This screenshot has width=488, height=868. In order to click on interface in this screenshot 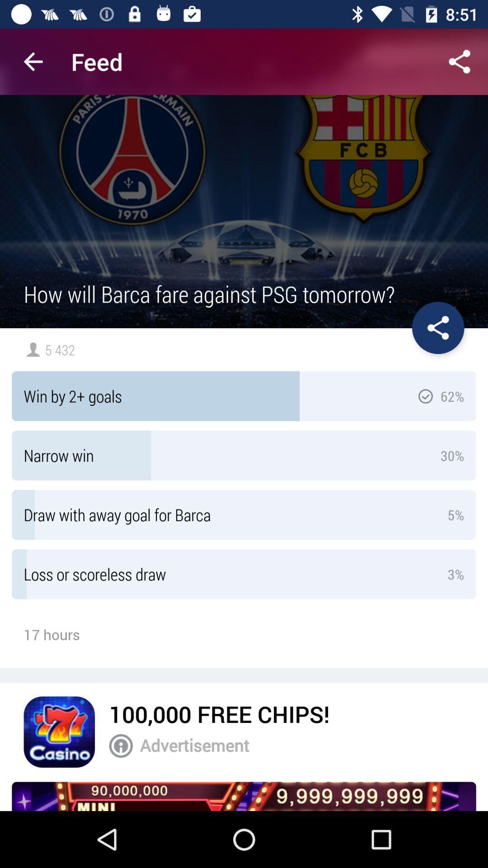, I will do `click(437, 327)`.